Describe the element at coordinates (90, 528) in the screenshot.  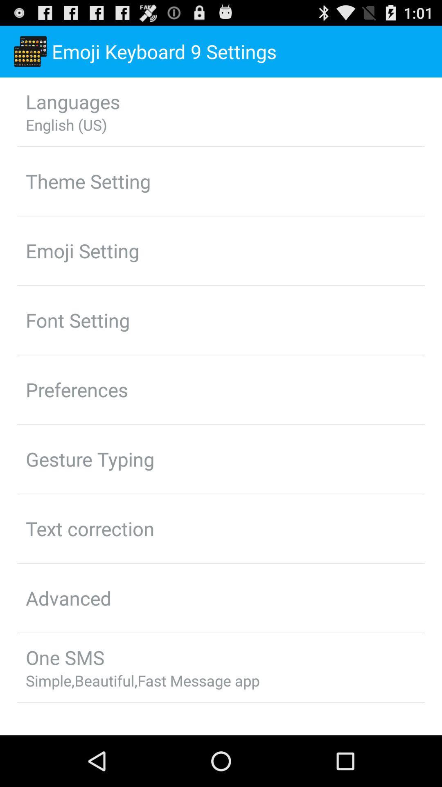
I see `item below gesture typing icon` at that location.